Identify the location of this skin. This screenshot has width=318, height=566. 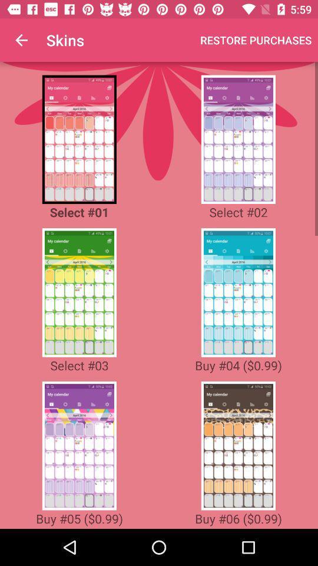
(238, 139).